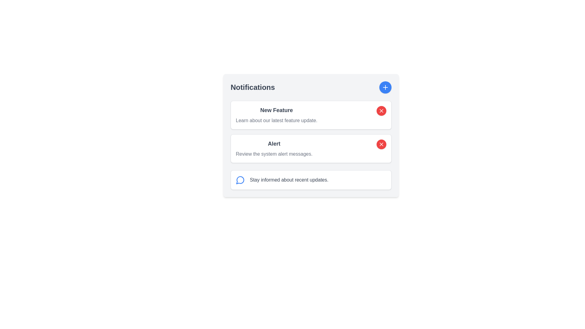  I want to click on the circular blue button with a white plus sign located in the top-right corner of the 'Notifications' section, so click(385, 87).